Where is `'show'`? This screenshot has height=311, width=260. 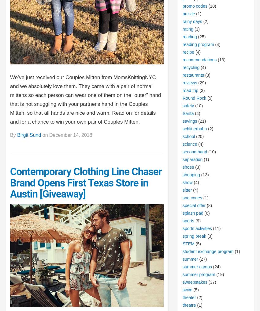
'show' is located at coordinates (187, 182).